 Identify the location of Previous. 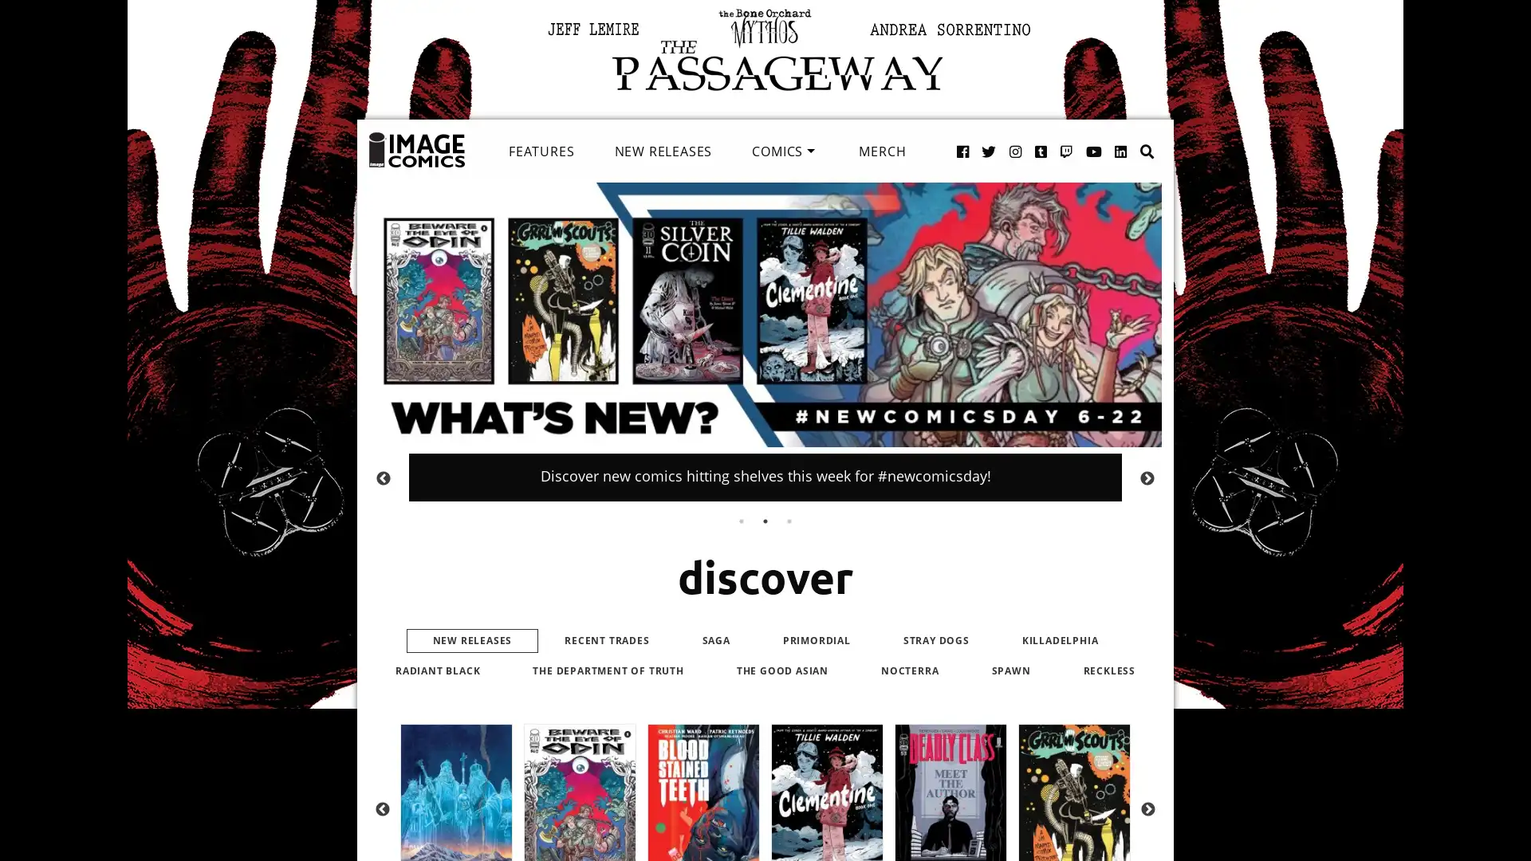
(383, 808).